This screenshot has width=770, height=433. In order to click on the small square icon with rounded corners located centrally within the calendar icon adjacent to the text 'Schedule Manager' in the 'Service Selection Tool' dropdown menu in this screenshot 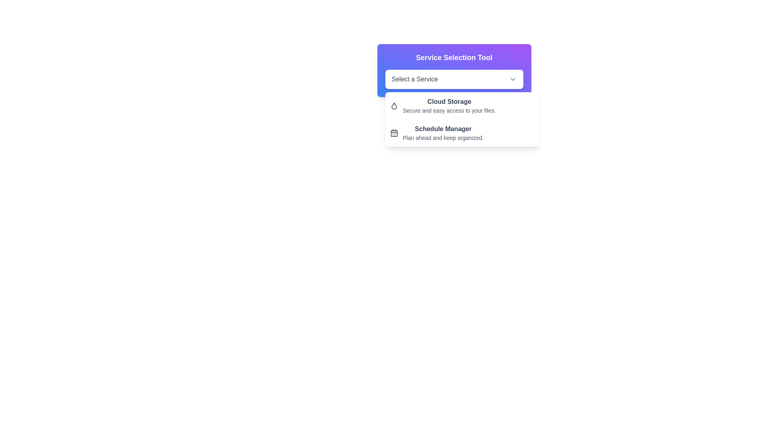, I will do `click(394, 133)`.